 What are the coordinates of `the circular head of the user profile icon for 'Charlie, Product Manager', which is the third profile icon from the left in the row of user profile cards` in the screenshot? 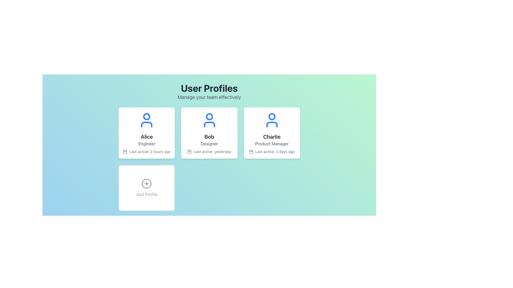 It's located at (272, 116).